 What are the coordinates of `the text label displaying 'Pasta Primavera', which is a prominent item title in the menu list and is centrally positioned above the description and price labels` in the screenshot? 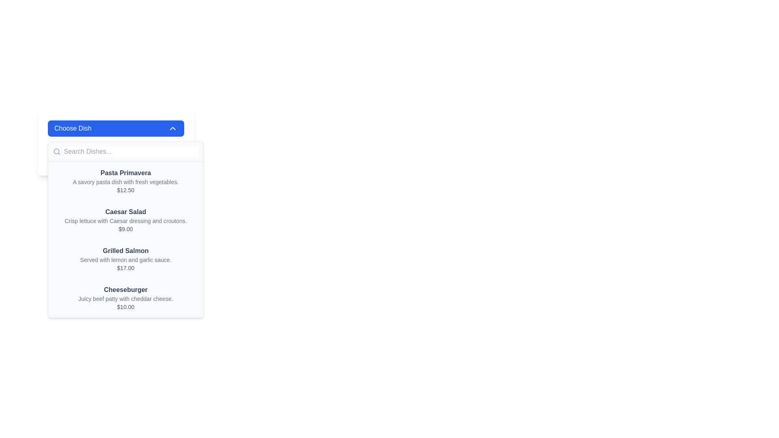 It's located at (125, 173).